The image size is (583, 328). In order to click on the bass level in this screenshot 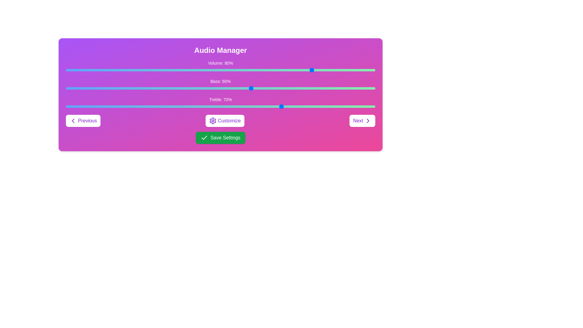, I will do `click(273, 88)`.